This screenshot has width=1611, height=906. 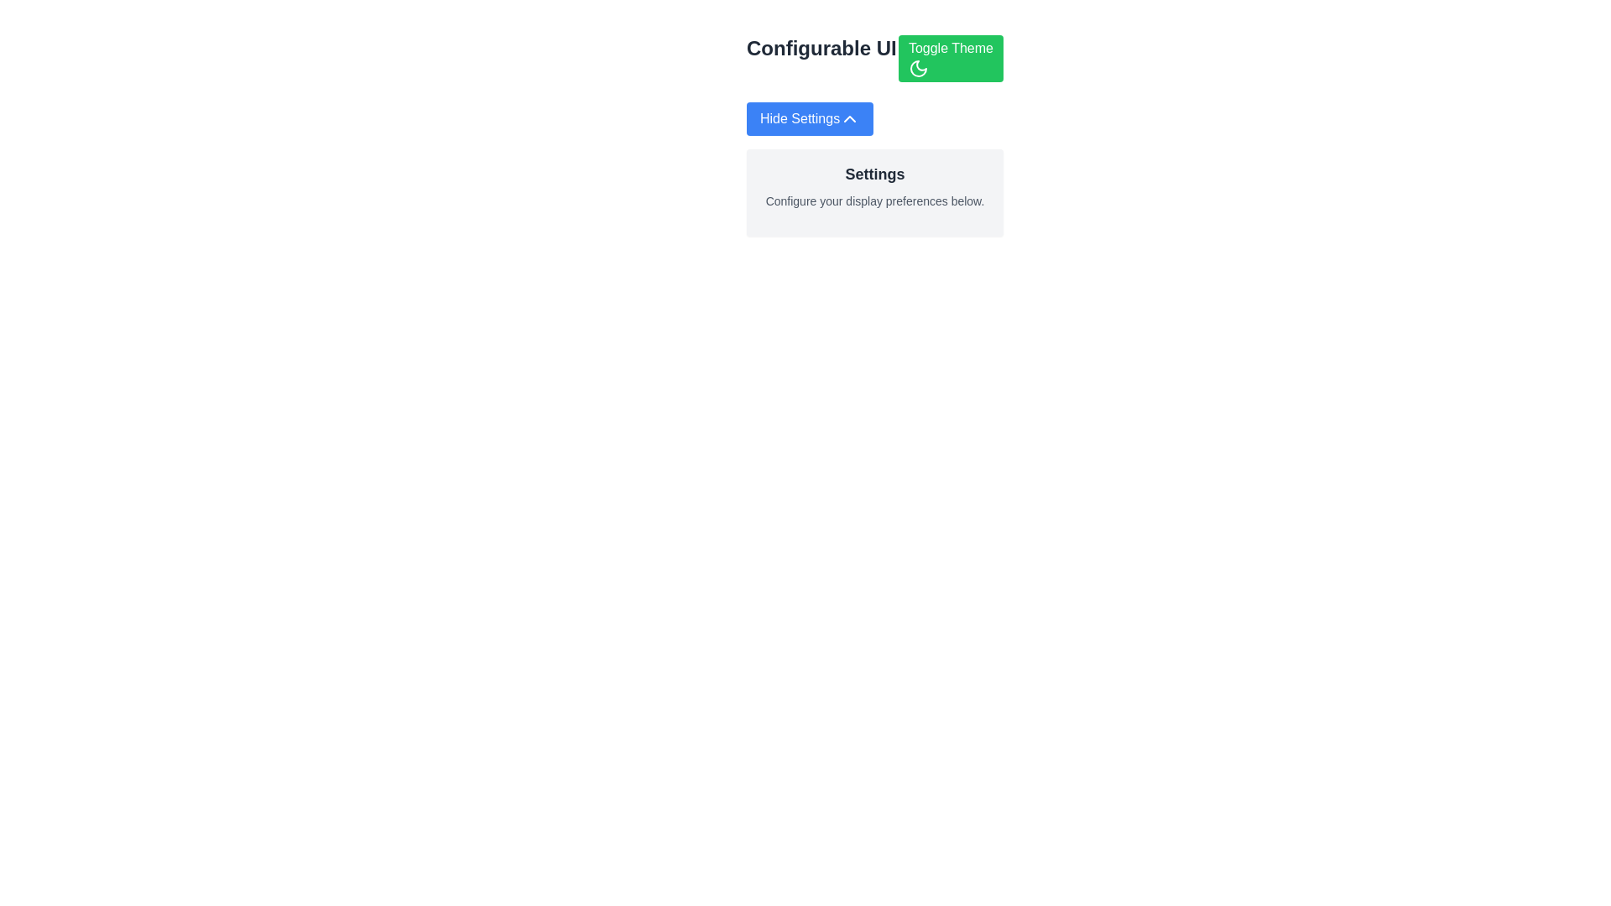 What do you see at coordinates (917, 67) in the screenshot?
I see `the SVG icon (crescent moon) which serves as a theme toggle option located inside the green button labeled 'Toggle Theme'` at bounding box center [917, 67].